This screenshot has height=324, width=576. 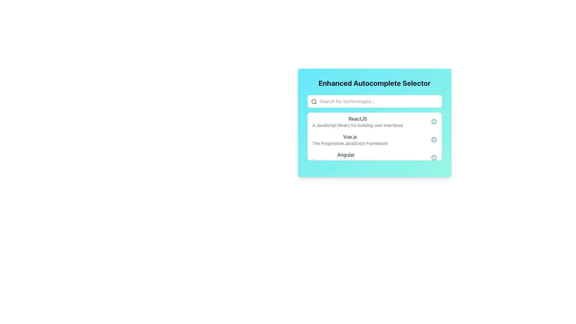 What do you see at coordinates (374, 157) in the screenshot?
I see `the selectable option for 'Angular' in the dropdown list` at bounding box center [374, 157].